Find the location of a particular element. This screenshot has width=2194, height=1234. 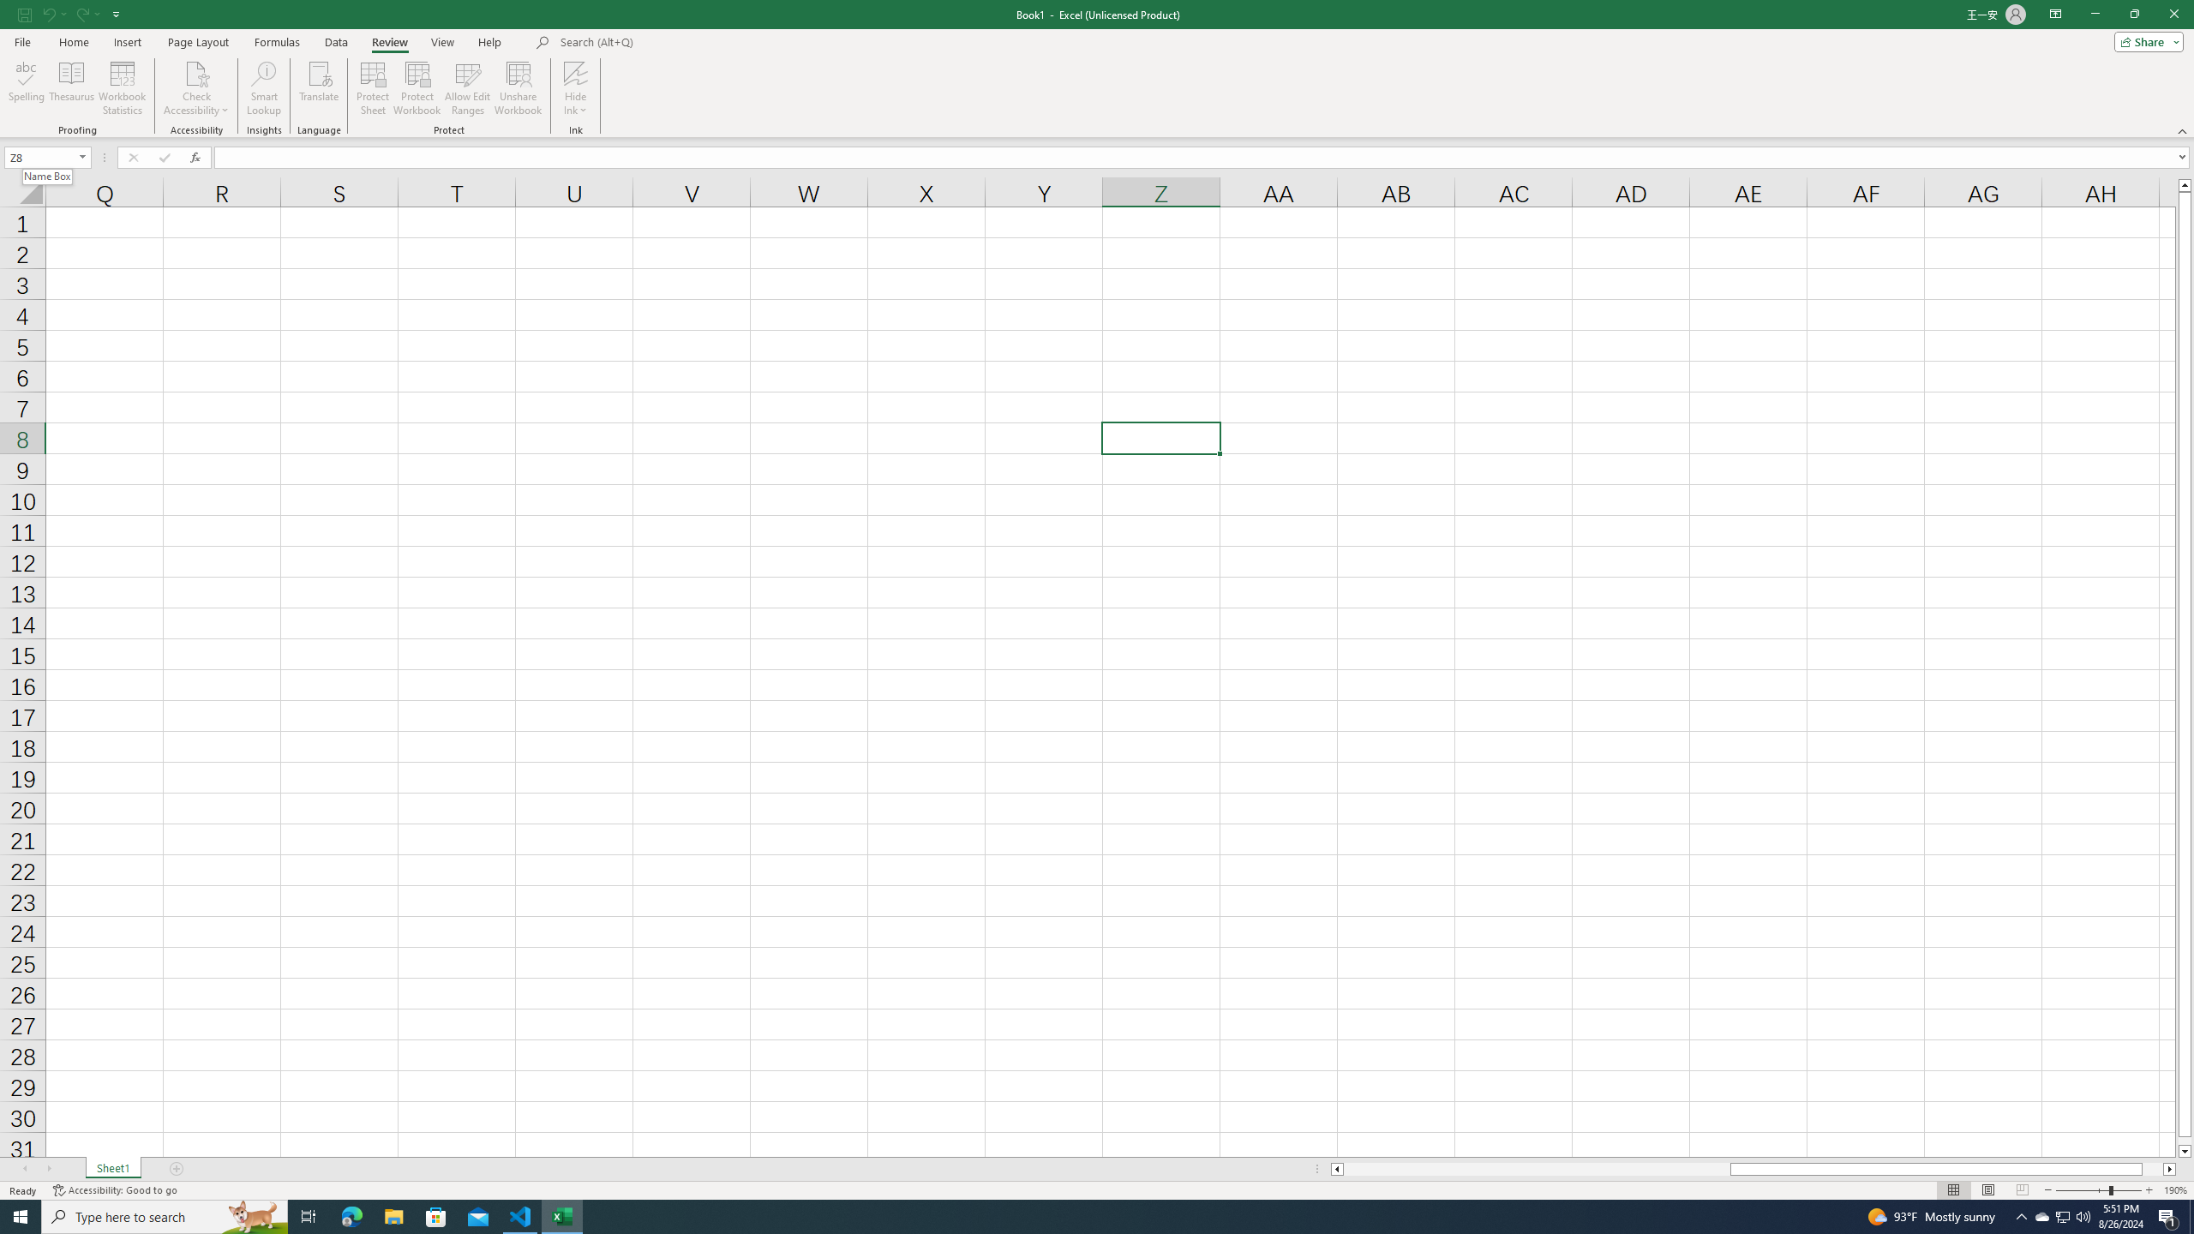

'Protect Workbook...' is located at coordinates (417, 88).